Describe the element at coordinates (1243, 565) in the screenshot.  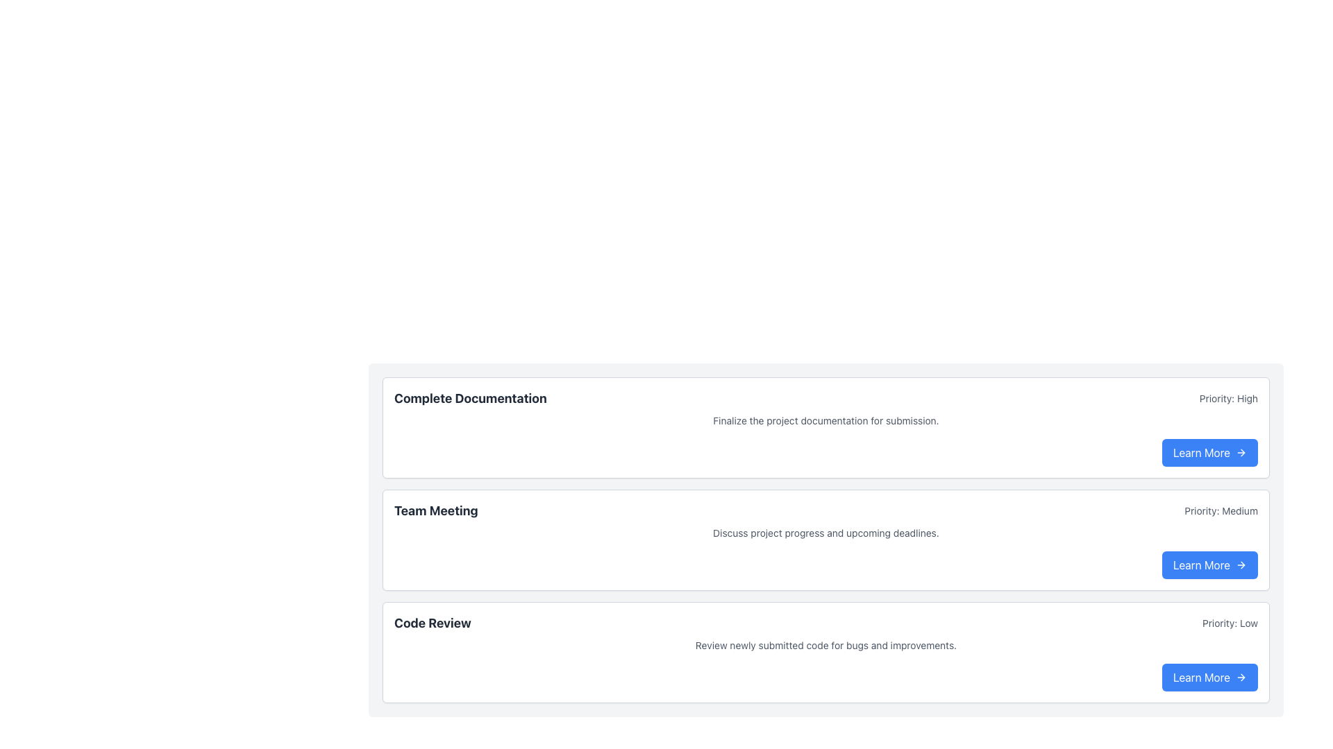
I see `the arrow icon located within the blue 'Learn More' button associated with the 'Priority: Medium' section` at that location.